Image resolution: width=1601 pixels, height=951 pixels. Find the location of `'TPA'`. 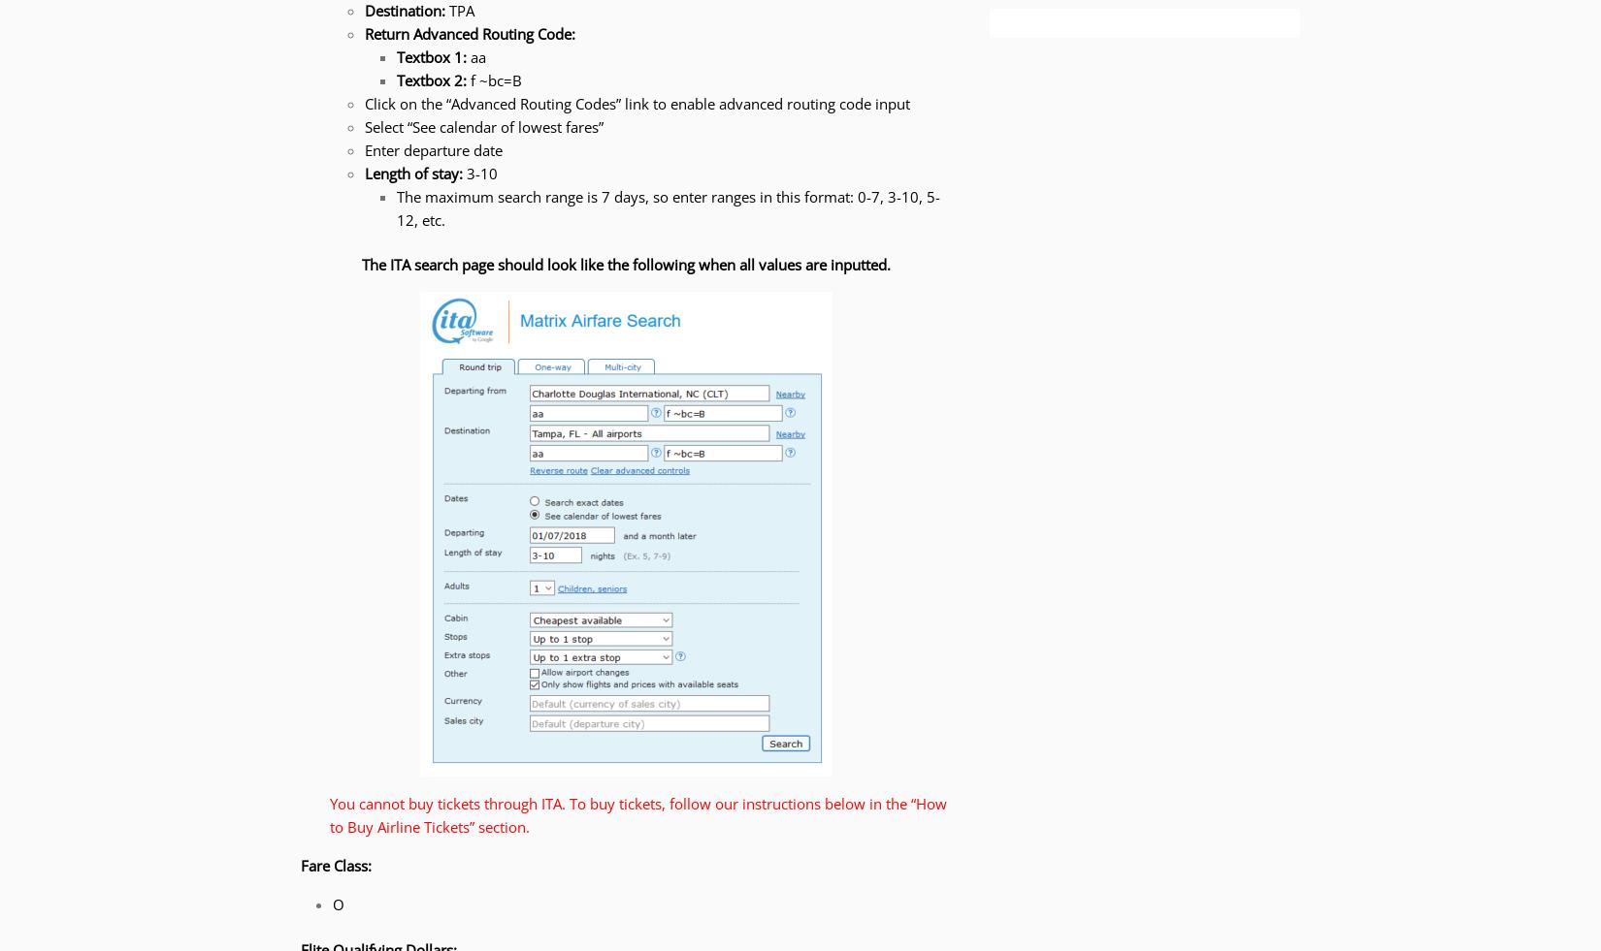

'TPA' is located at coordinates (459, 9).